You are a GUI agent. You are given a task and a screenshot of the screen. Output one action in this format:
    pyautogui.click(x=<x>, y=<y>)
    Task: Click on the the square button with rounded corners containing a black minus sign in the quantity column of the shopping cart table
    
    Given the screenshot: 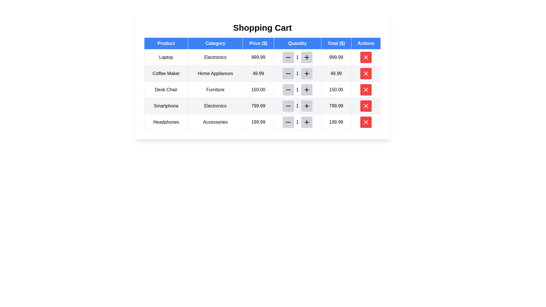 What is the action you would take?
    pyautogui.click(x=288, y=73)
    